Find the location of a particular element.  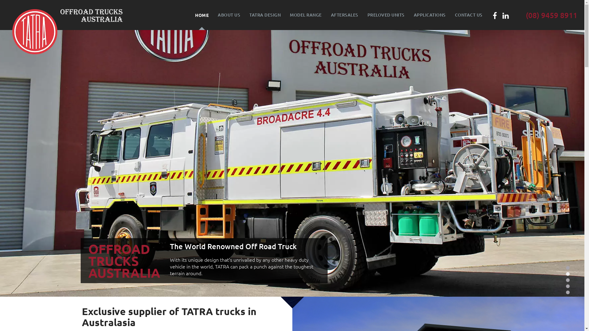

'TATRA DESIGN' is located at coordinates (265, 15).